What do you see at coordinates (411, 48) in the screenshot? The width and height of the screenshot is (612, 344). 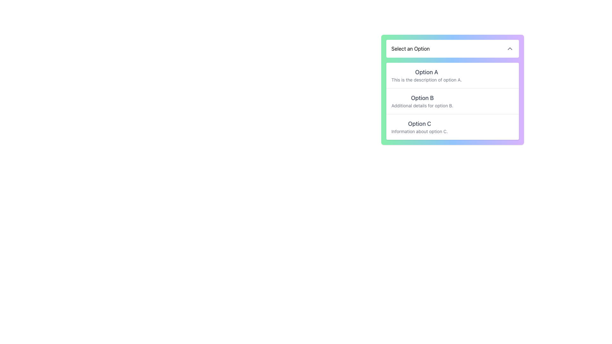 I see `the header text label of the dropdown menu, which is centrally located in the top header section and positioned to the left of the chevron icon` at bounding box center [411, 48].